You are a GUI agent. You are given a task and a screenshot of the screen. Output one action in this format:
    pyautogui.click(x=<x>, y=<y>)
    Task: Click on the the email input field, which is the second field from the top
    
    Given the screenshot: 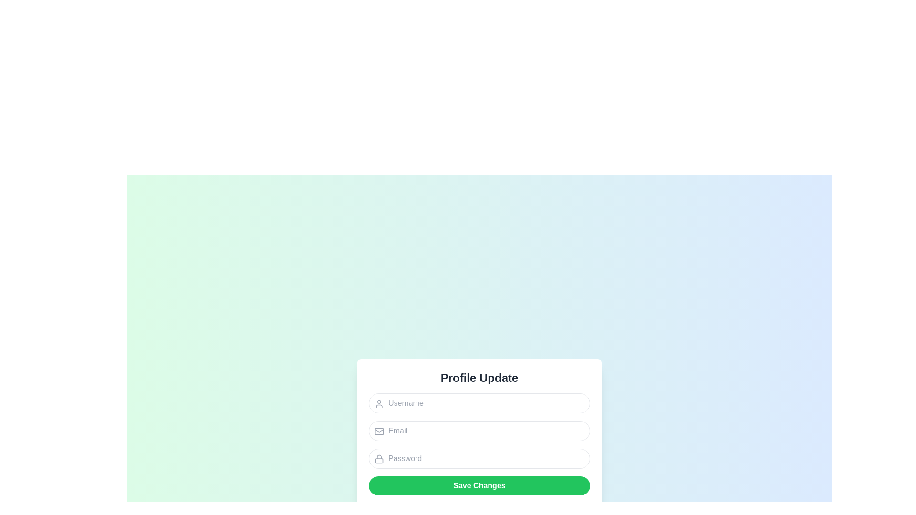 What is the action you would take?
    pyautogui.click(x=479, y=444)
    